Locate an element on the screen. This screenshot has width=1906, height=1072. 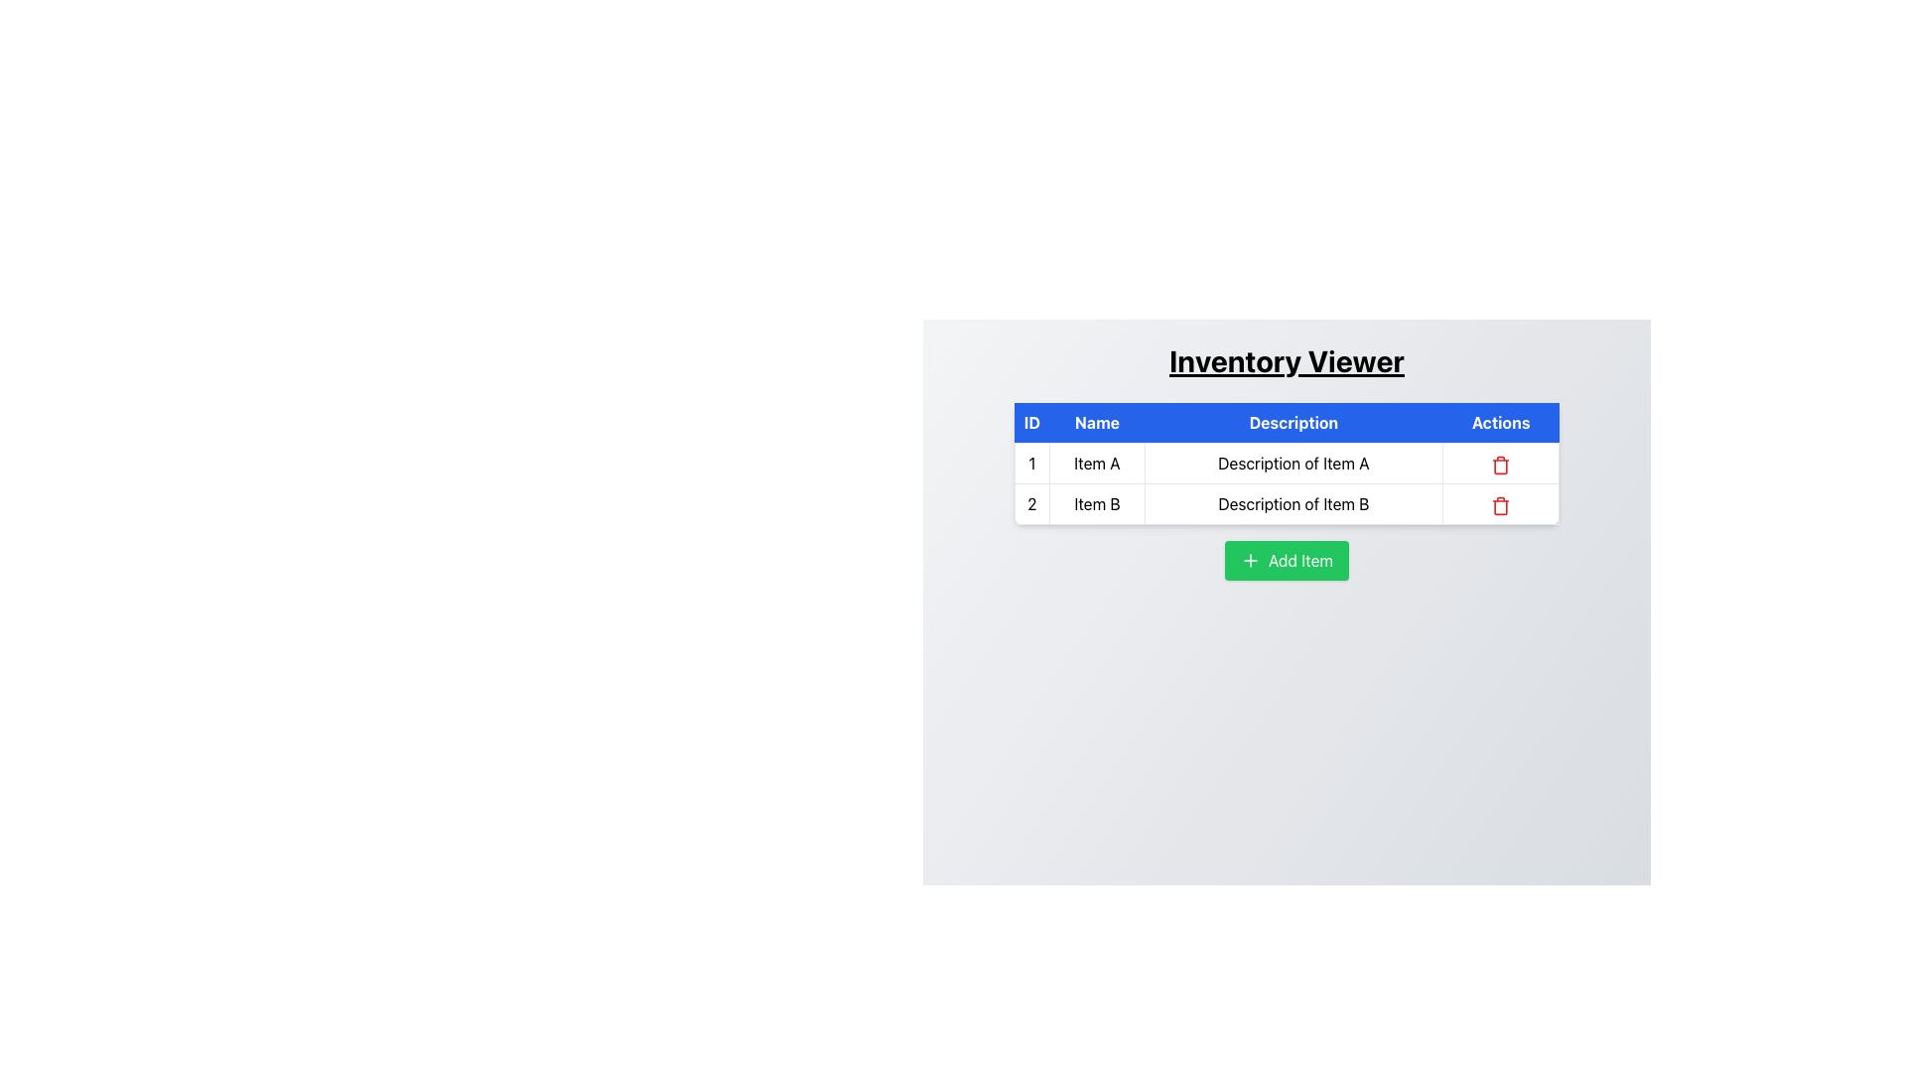
the first row of the inventory table containing ID '1', Name 'Item A', Description 'Description of Item A' is located at coordinates (1287, 463).